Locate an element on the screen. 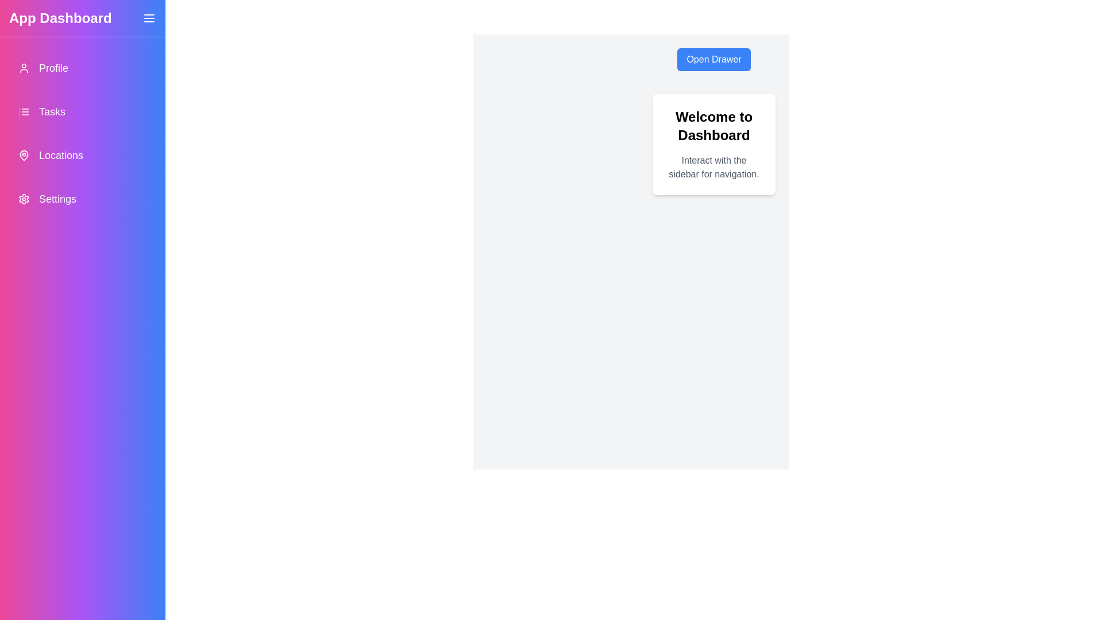 This screenshot has height=620, width=1103. the navigation item labeled 'Profile' to observe its hover effect is located at coordinates (82, 68).